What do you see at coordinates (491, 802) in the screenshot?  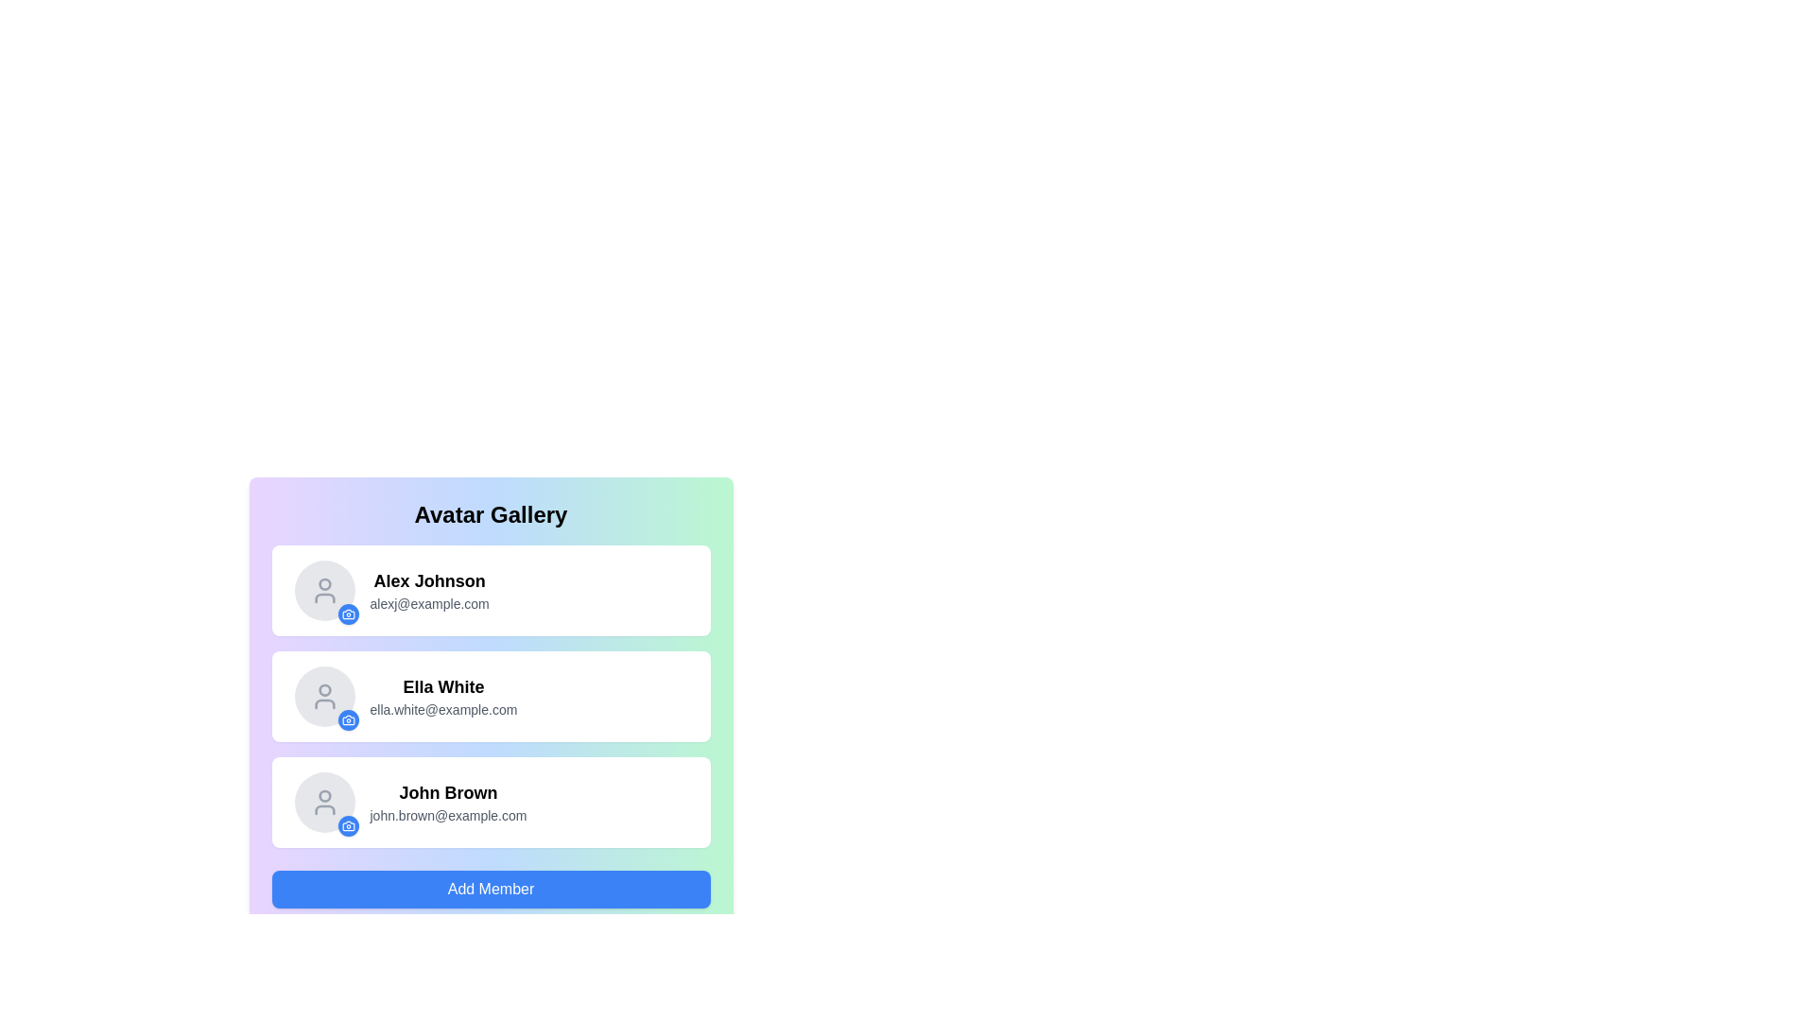 I see `the third user profile card in the 'Avatar Gallery' section` at bounding box center [491, 802].